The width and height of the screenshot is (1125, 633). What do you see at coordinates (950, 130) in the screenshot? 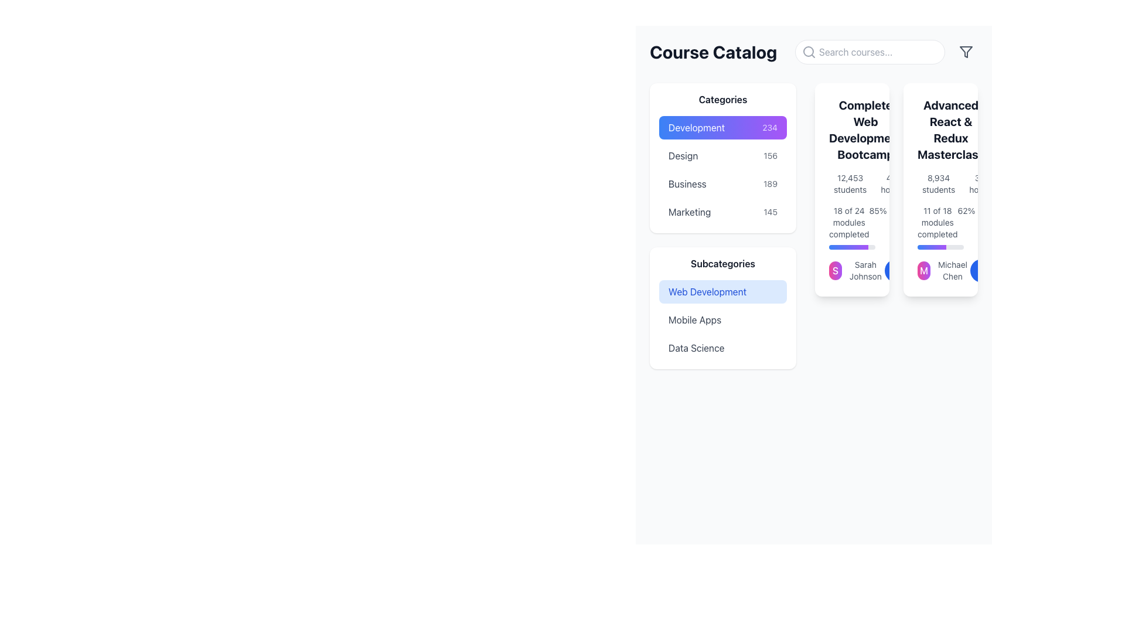
I see `the text label indicating the course title located in the 'Course Catalog' section` at bounding box center [950, 130].